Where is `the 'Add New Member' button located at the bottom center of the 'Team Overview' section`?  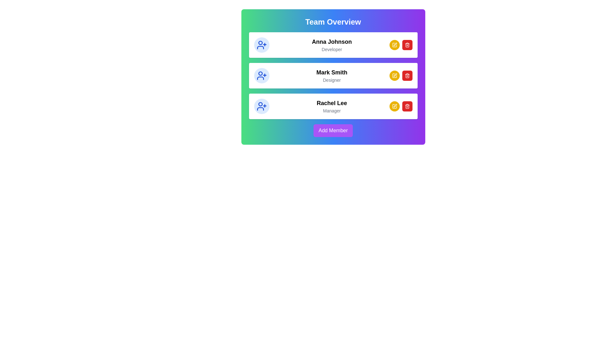 the 'Add New Member' button located at the bottom center of the 'Team Overview' section is located at coordinates (333, 130).